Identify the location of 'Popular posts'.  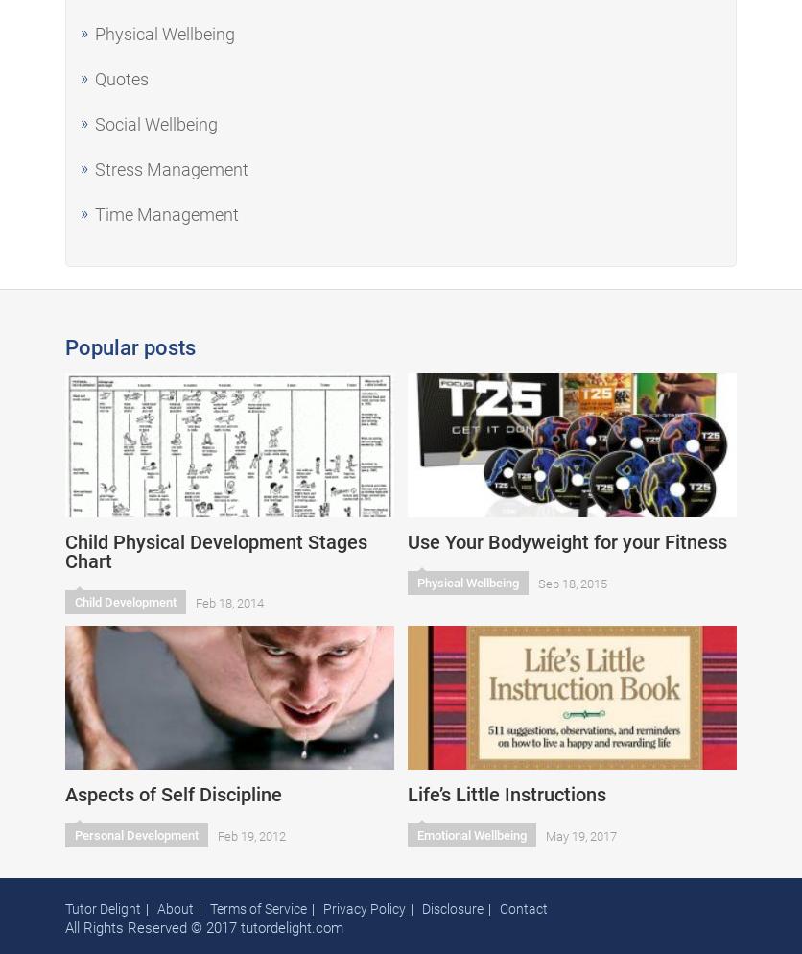
(130, 347).